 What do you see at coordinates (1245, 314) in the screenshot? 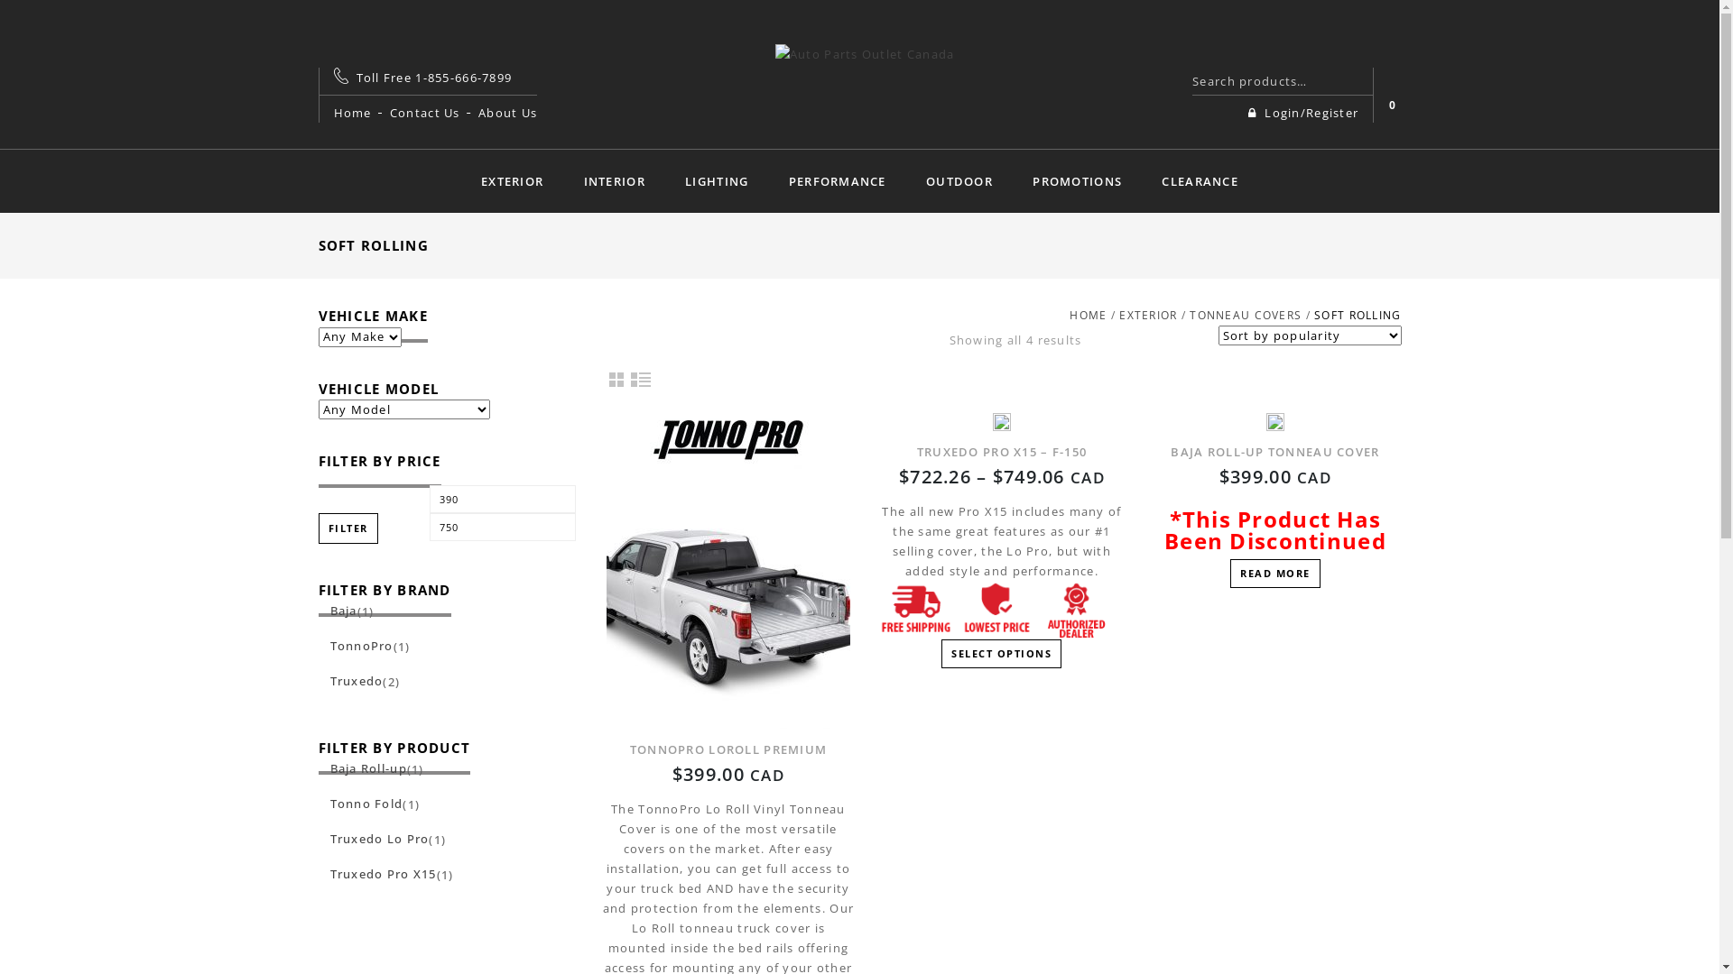
I see `'TONNEAU COVERS'` at bounding box center [1245, 314].